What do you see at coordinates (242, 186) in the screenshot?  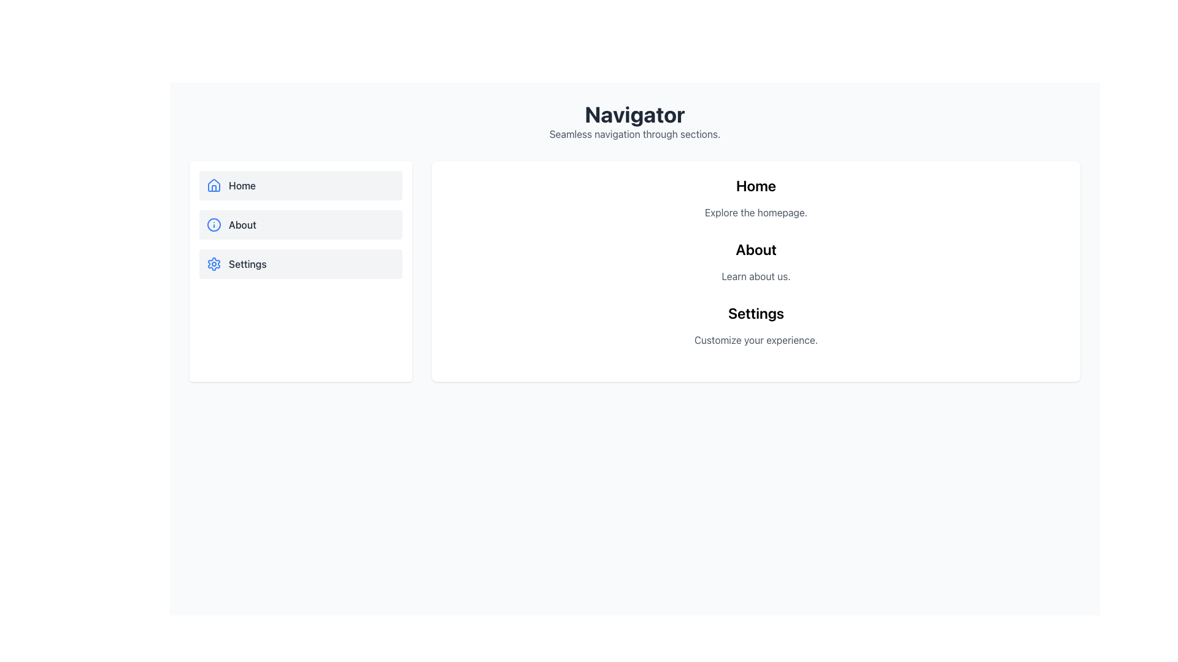 I see `the 'Home' text label in the navigation menu, which is displayed in medium-sized gray font and slightly bold, positioned beneath the 'Navigator' title` at bounding box center [242, 186].